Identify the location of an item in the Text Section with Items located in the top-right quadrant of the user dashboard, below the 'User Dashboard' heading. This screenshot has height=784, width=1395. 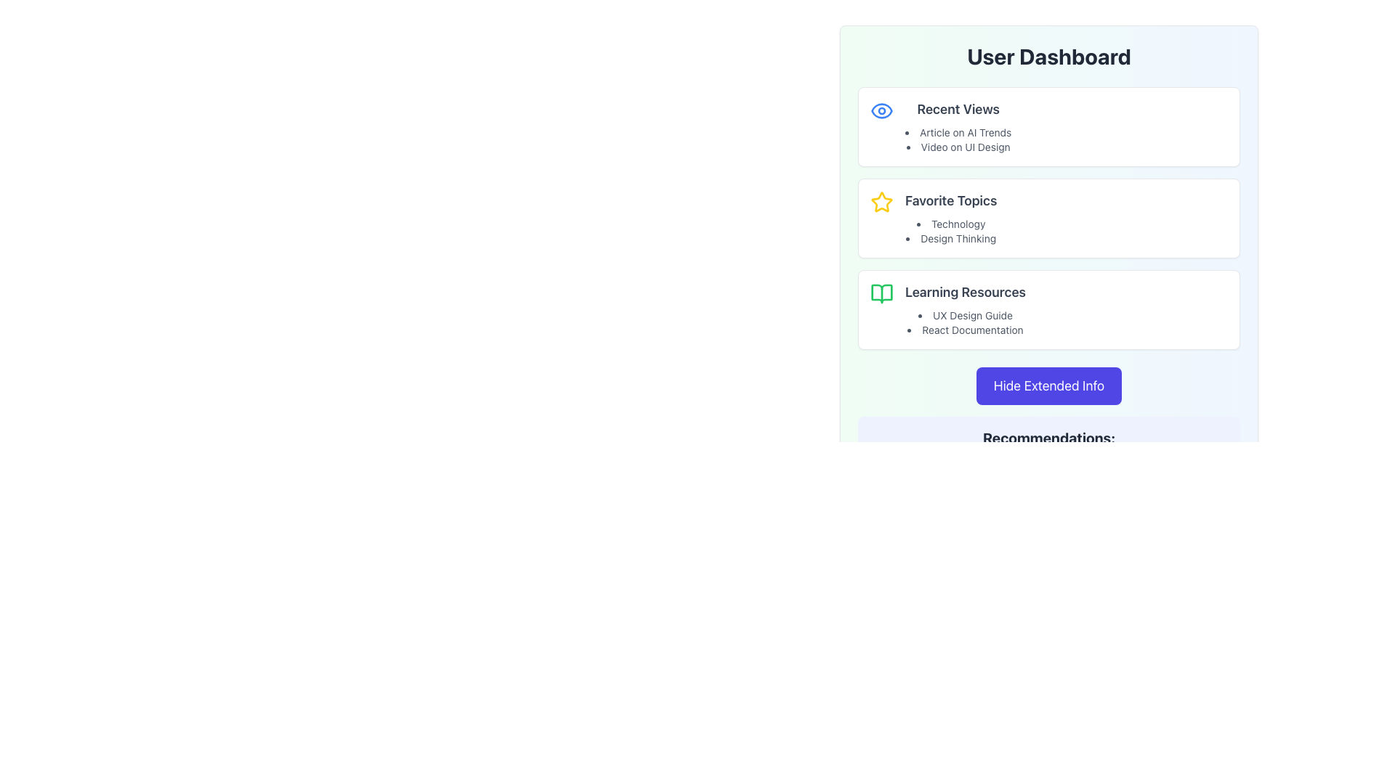
(958, 126).